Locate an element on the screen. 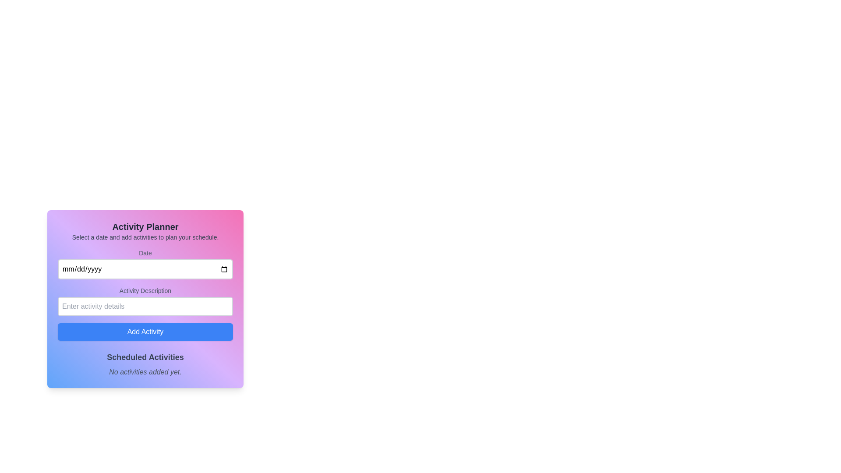  the blue button labeled 'Add Activity' to observe the visual feedback of the hover state is located at coordinates (145, 332).